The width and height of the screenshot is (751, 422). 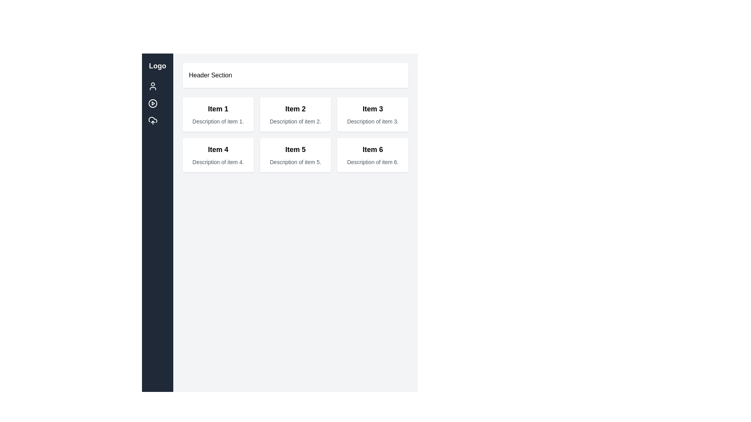 I want to click on the circular border element that is part of the SVG icon featuring a play button, located in the vertical navigation sidebar, so click(x=153, y=103).